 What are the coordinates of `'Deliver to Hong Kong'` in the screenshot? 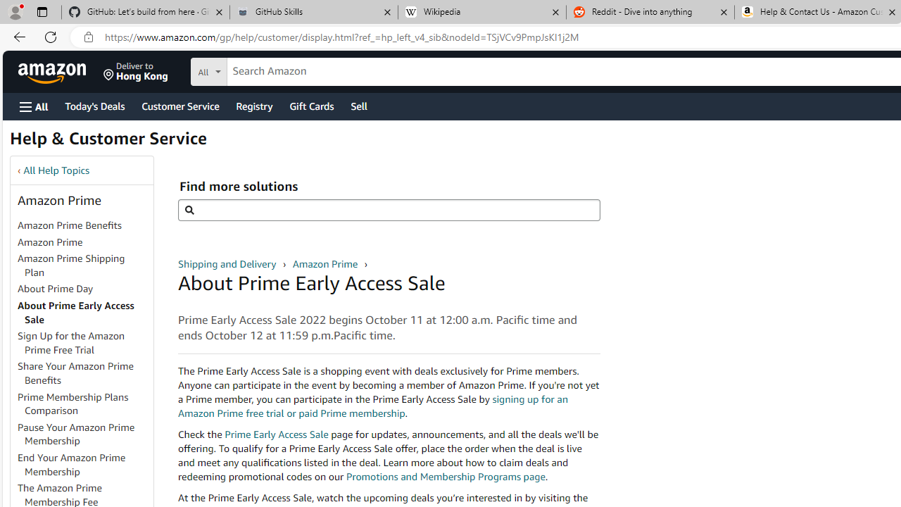 It's located at (136, 71).